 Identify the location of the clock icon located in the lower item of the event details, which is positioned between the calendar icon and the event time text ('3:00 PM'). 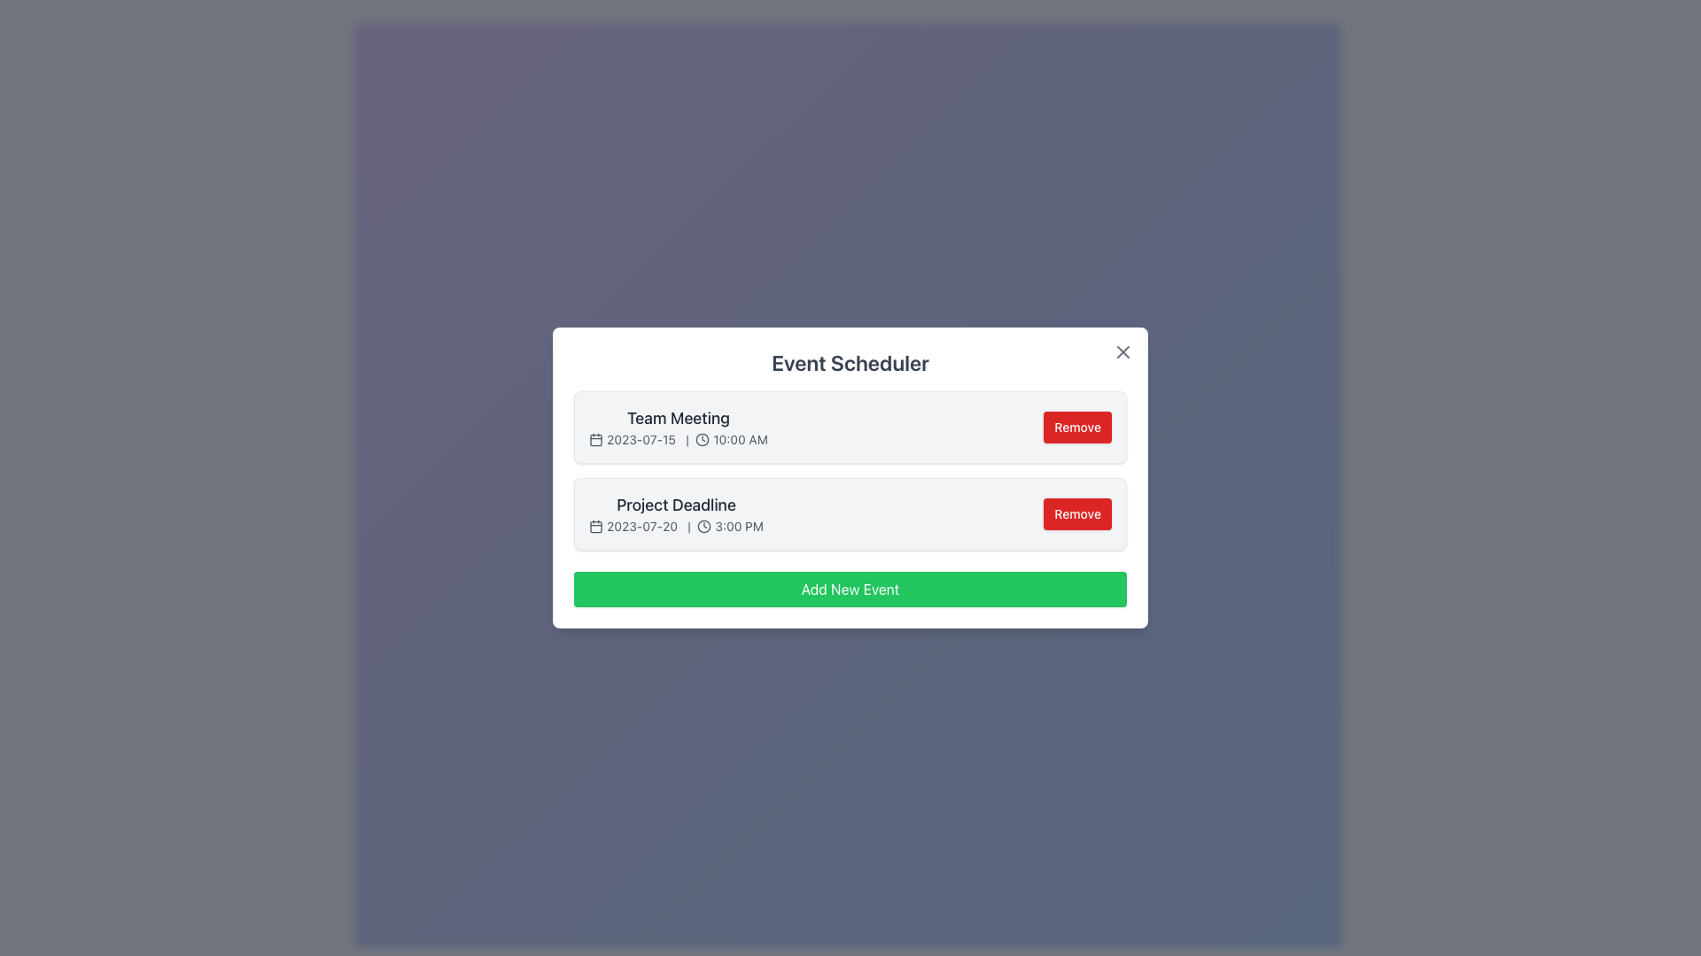
(703, 525).